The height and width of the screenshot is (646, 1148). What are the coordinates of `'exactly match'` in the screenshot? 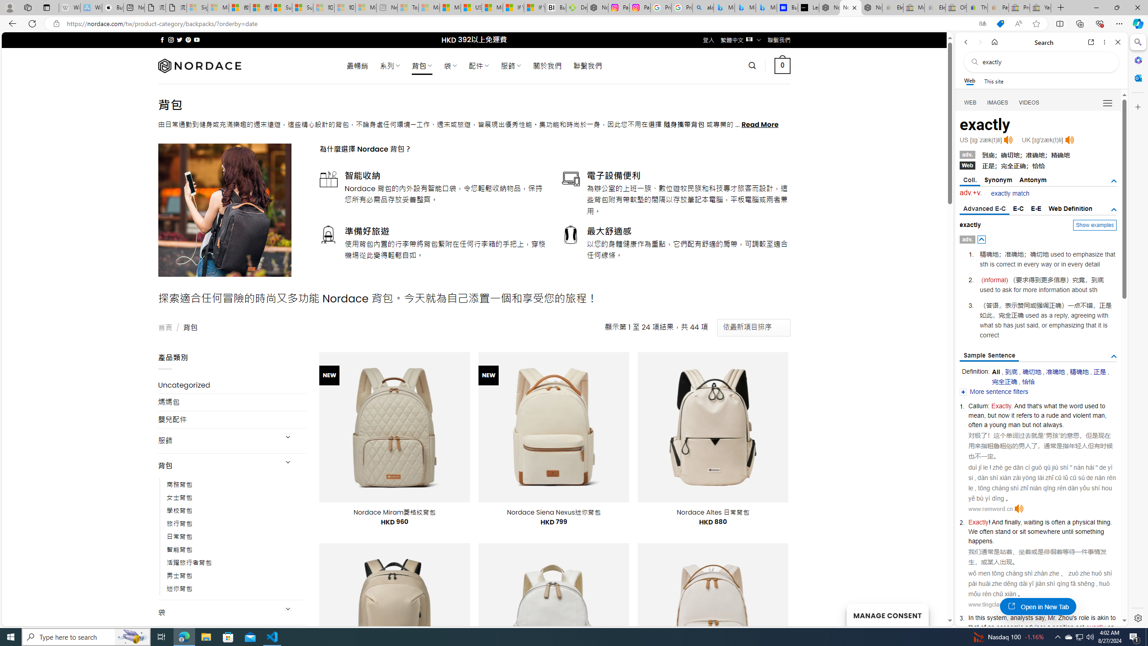 It's located at (1009, 193).